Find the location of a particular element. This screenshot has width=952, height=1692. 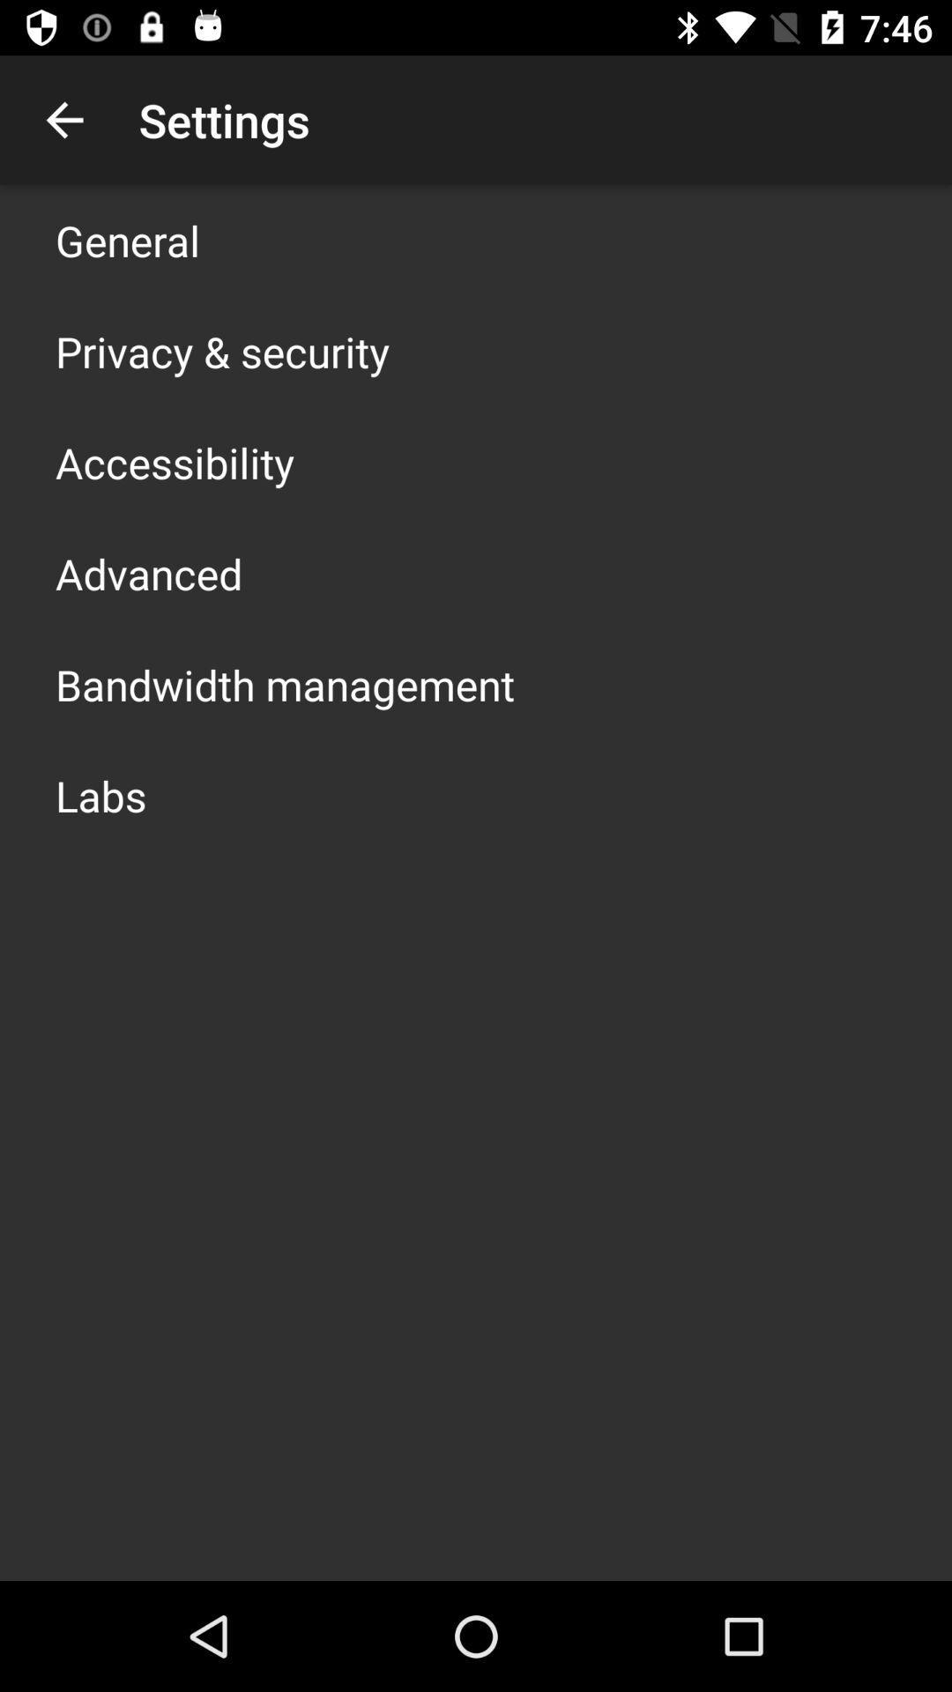

app below bandwidth management is located at coordinates (100, 794).